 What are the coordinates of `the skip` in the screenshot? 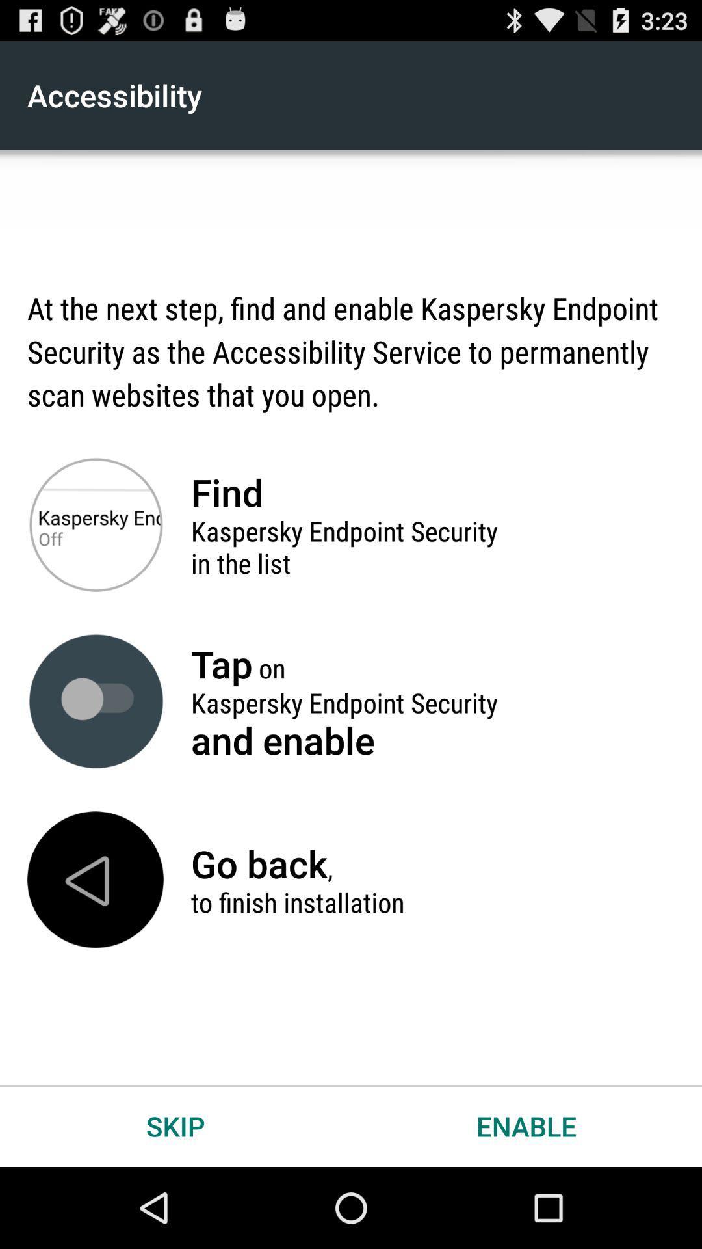 It's located at (175, 1125).